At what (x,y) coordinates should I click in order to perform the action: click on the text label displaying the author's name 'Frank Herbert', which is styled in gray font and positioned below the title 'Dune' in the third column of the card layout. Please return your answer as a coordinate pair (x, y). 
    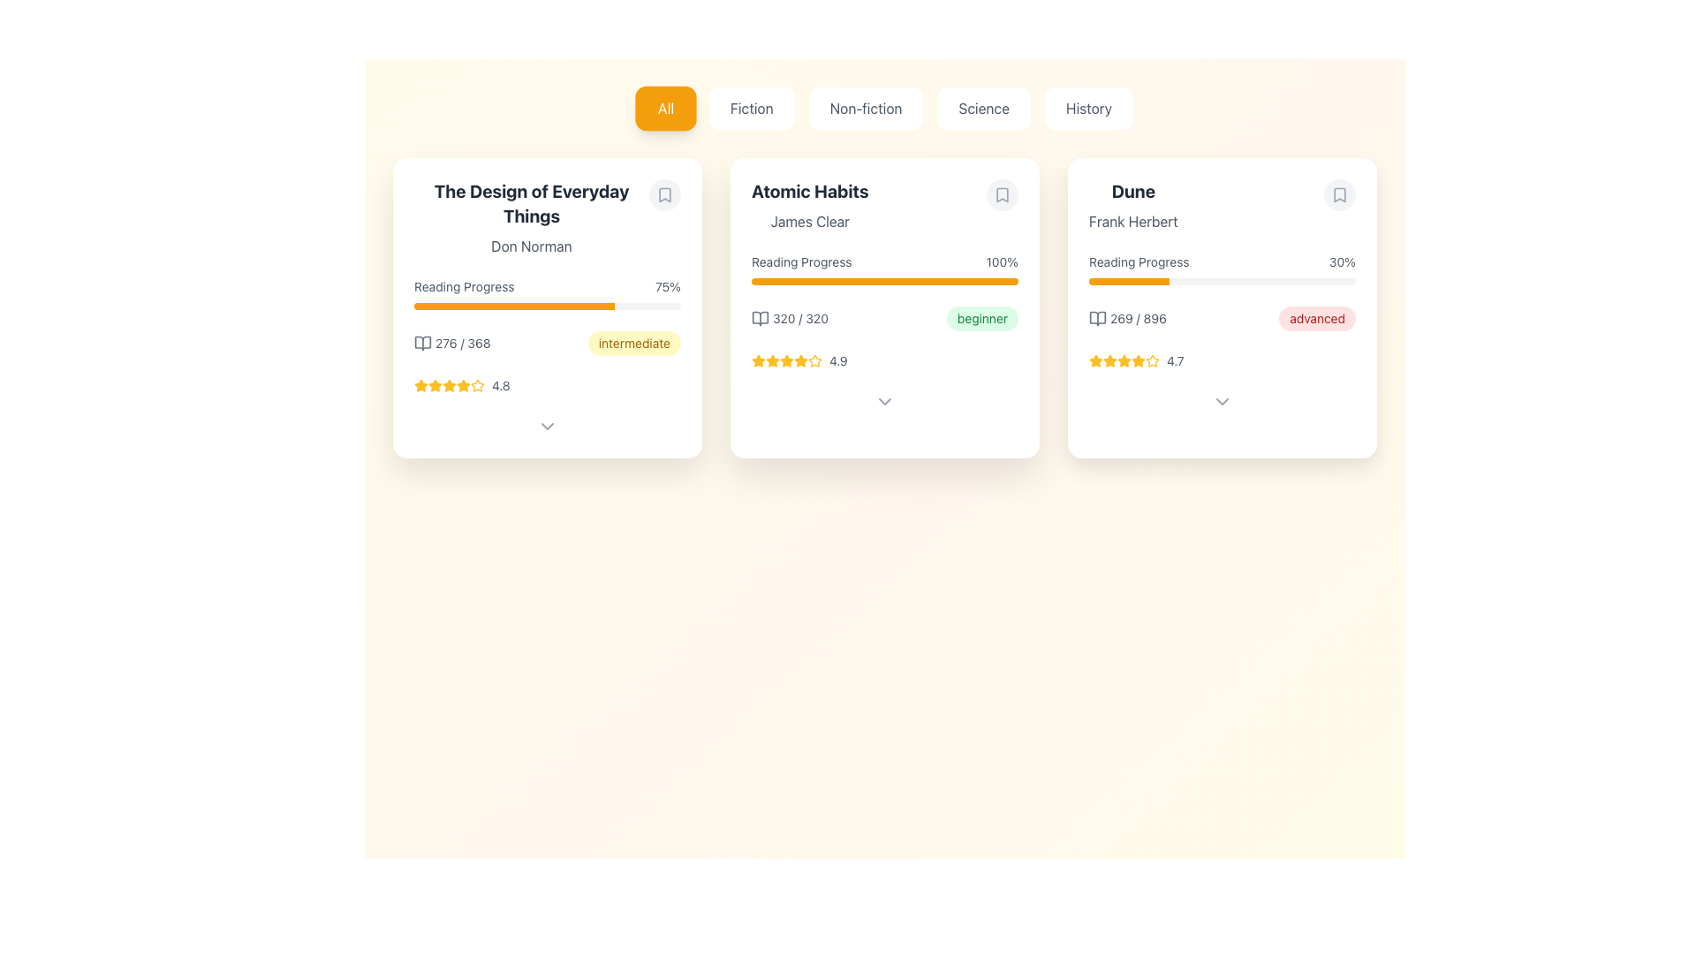
    Looking at the image, I should click on (1133, 220).